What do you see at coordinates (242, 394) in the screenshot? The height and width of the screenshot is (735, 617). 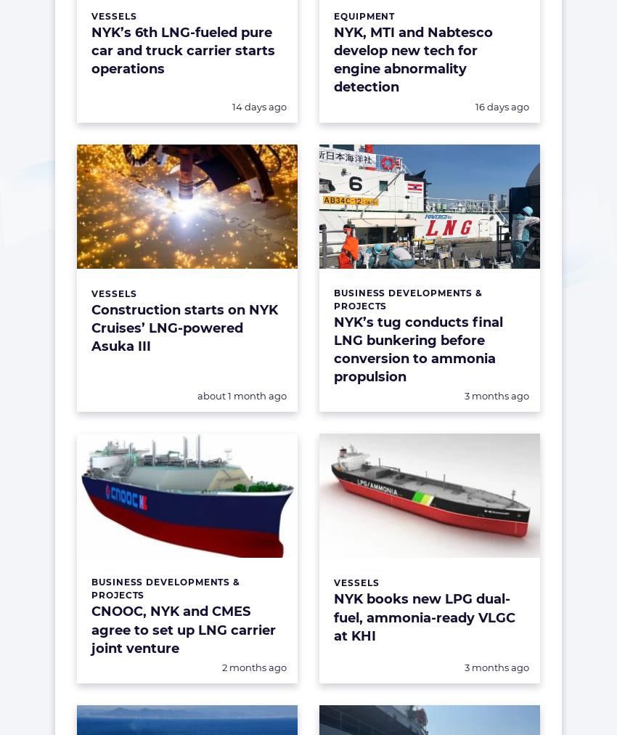 I see `'about 1 month ago'` at bounding box center [242, 394].